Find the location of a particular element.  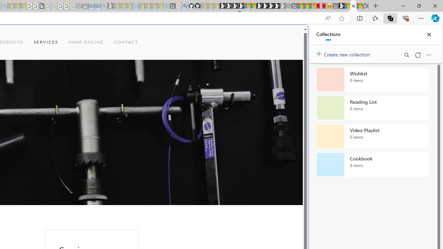

'CONTACT' is located at coordinates (126, 42).